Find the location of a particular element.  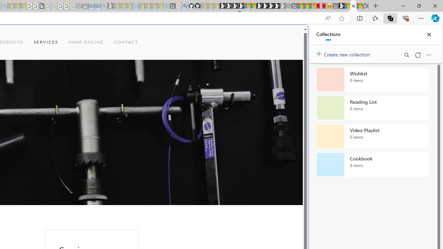

'CONTACT' is located at coordinates (126, 42).